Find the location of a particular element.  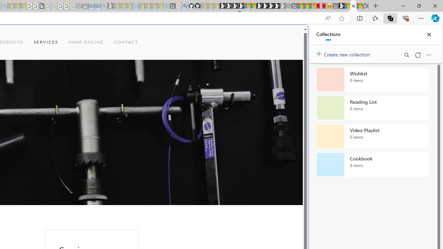

'CONTACT' is located at coordinates (126, 42).